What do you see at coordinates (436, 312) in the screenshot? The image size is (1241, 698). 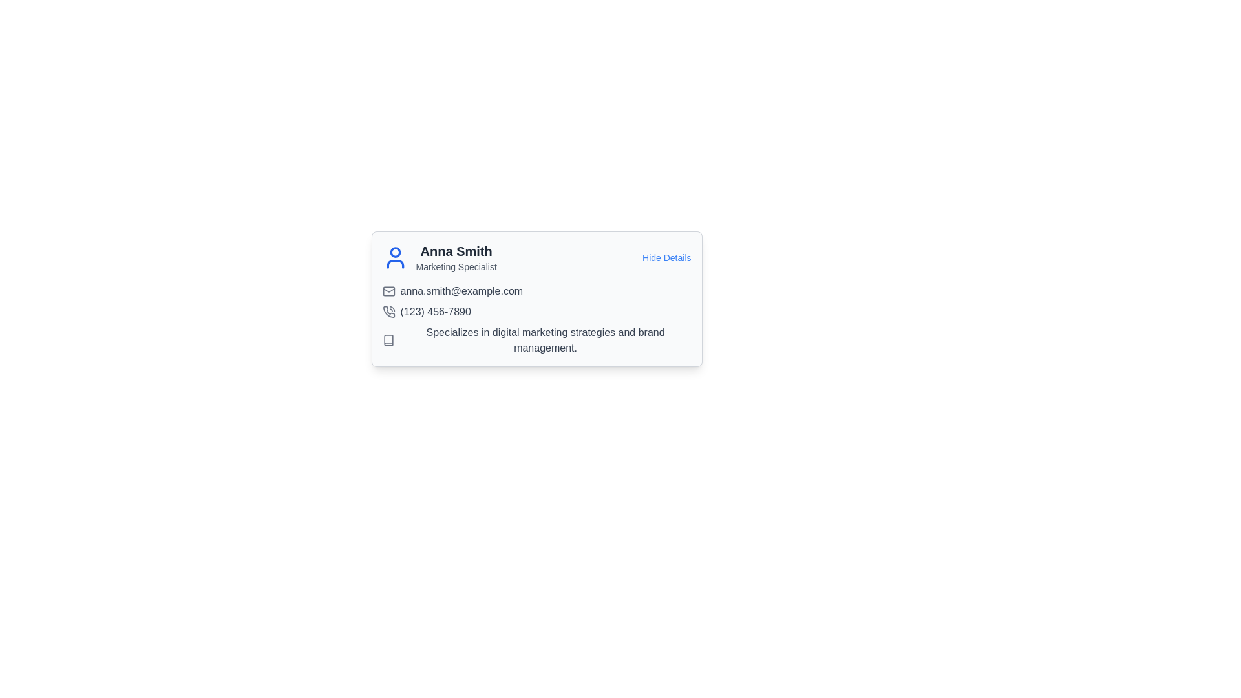 I see `the gray text displaying the phone number '(123) 456-7890' located` at bounding box center [436, 312].